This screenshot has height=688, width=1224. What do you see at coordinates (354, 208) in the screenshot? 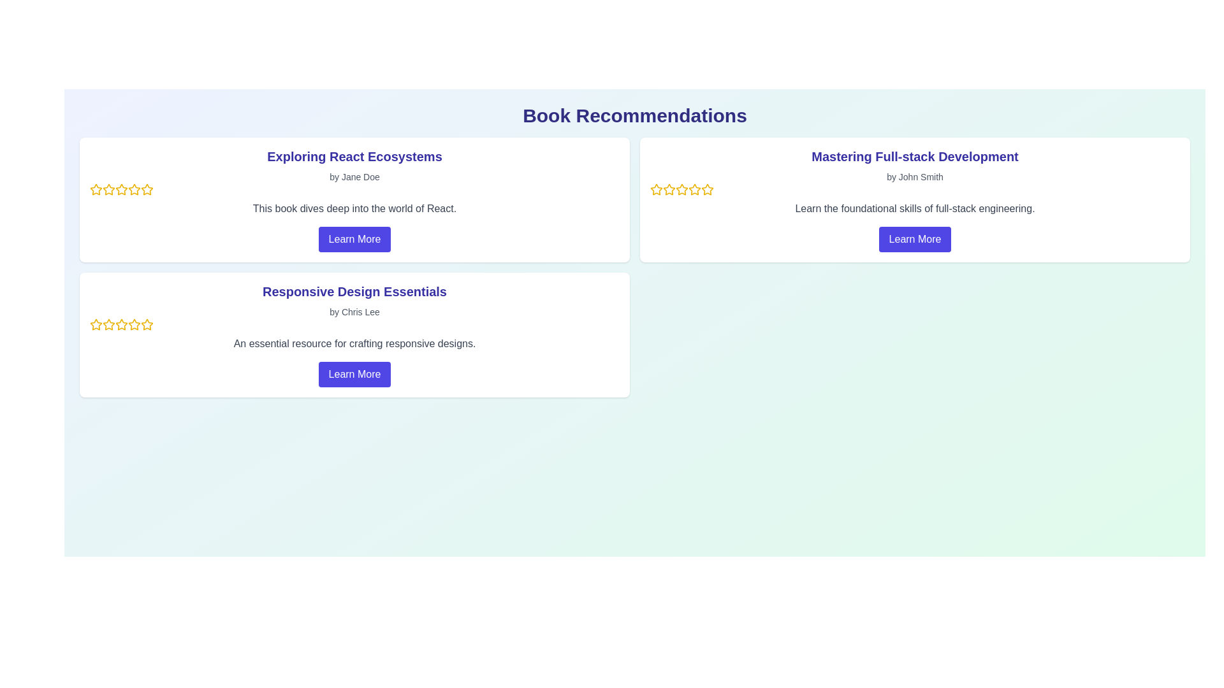
I see `the descriptive text block that provides information about the book 'Exploring React Ecosystems', located below the author's name 'Jane Doe' and above the 'Learn More' button` at bounding box center [354, 208].